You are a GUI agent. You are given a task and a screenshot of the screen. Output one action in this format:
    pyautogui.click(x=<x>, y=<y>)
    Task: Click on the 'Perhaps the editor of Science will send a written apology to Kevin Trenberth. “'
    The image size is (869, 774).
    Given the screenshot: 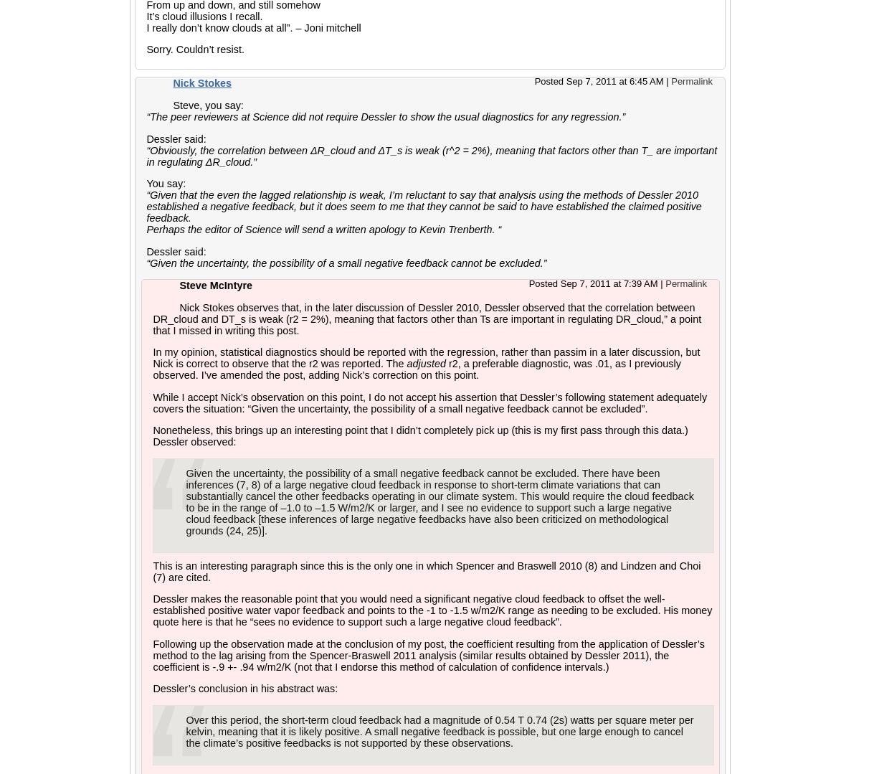 What is the action you would take?
    pyautogui.click(x=323, y=229)
    